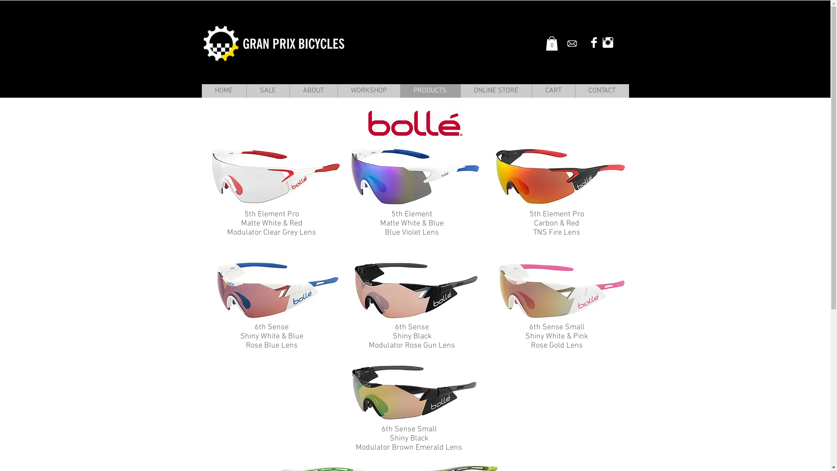 This screenshot has height=471, width=837. What do you see at coordinates (430, 91) in the screenshot?
I see `'PRODUCTS'` at bounding box center [430, 91].